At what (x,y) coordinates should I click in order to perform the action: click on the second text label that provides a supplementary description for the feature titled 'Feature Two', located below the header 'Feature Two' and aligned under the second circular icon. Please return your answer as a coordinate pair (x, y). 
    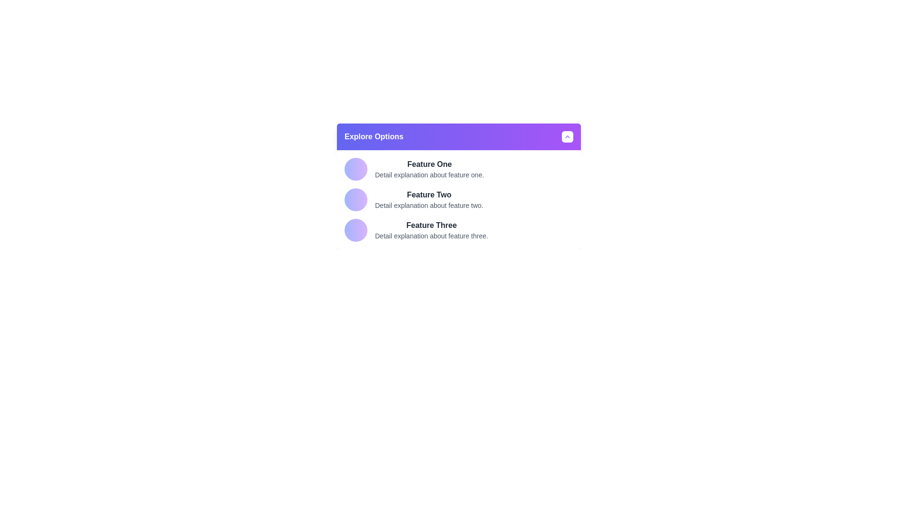
    Looking at the image, I should click on (428, 205).